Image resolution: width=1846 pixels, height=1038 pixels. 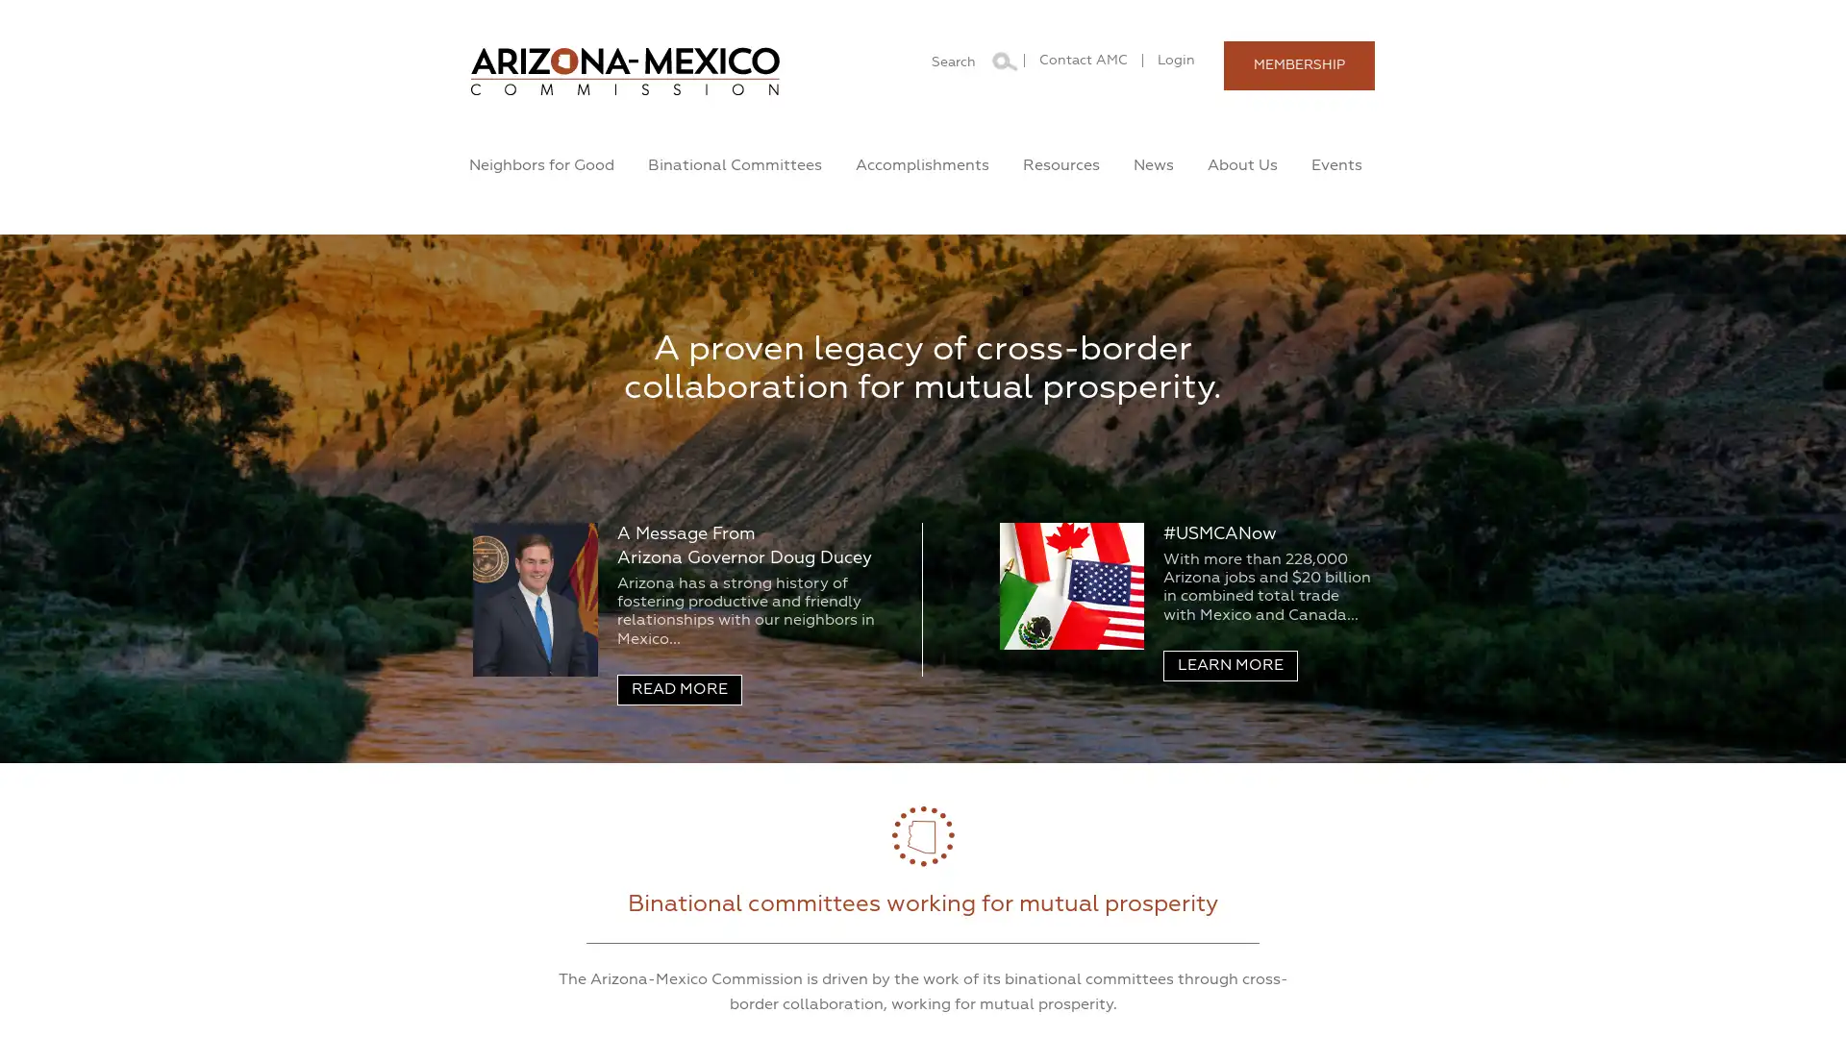 What do you see at coordinates (1002, 58) in the screenshot?
I see `Search` at bounding box center [1002, 58].